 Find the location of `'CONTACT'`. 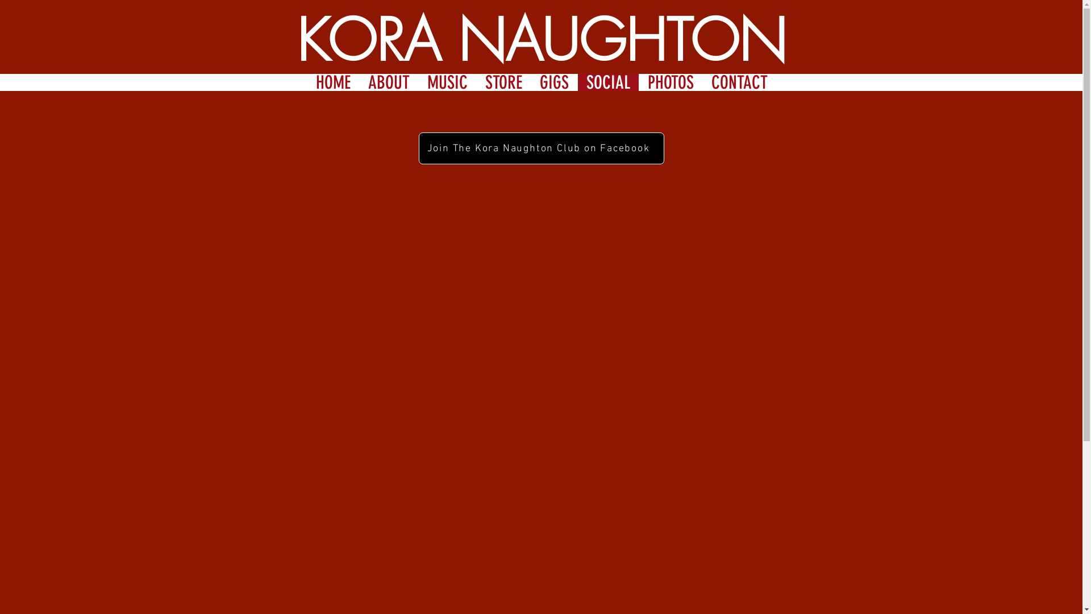

'CONTACT' is located at coordinates (739, 82).